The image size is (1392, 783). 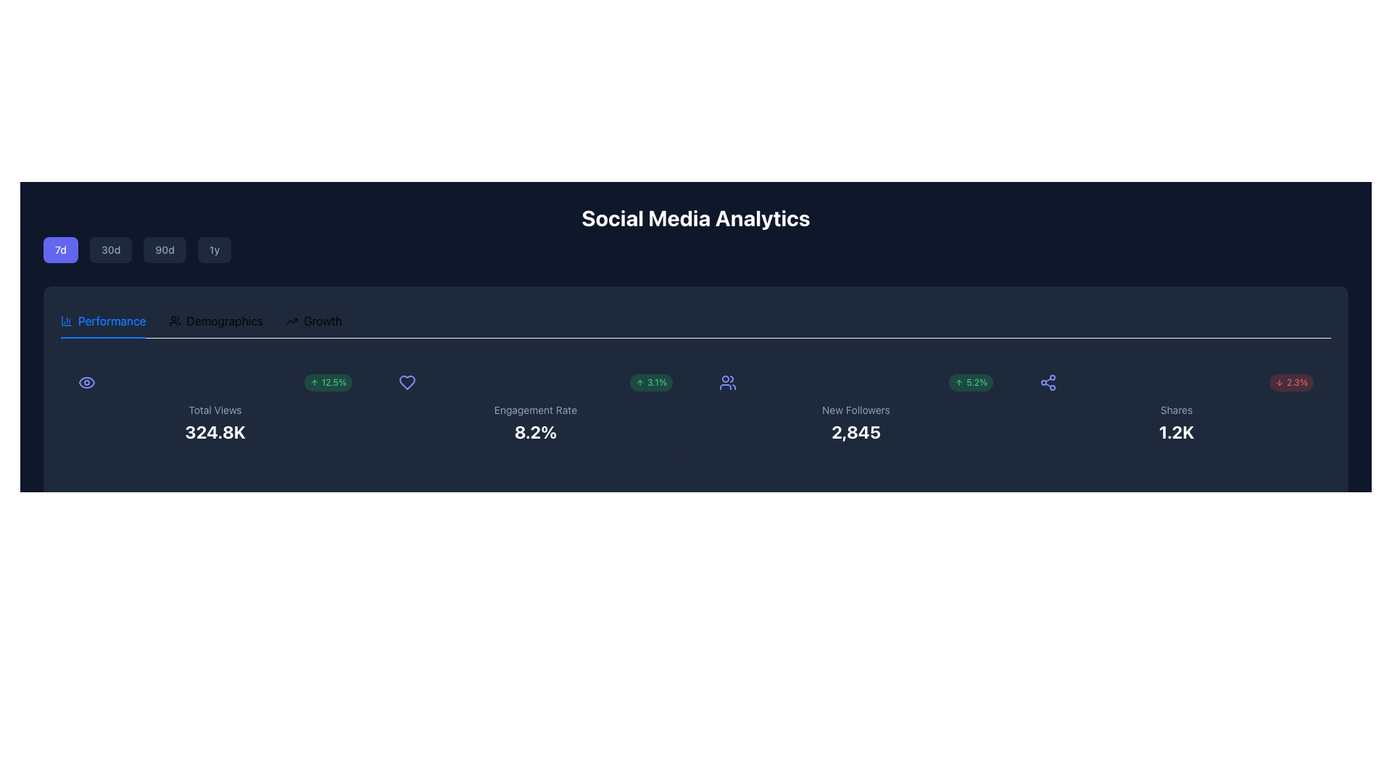 I want to click on the heart-shaped icon filled with a solid purple-blue color, which represents the 'Engagement Rate' metric in the analytics dashboard, so click(x=406, y=382).